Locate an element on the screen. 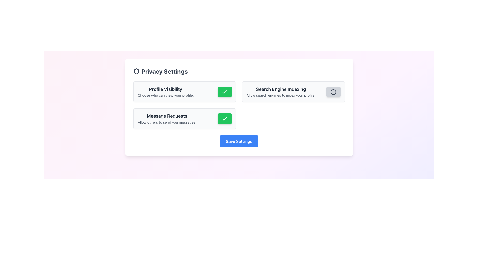 This screenshot has height=274, width=488. shield-shaped icon located in the upper-left corner of the 'Privacy Settings' card, which has a hollow design and is part of an SVG graphic is located at coordinates (136, 71).